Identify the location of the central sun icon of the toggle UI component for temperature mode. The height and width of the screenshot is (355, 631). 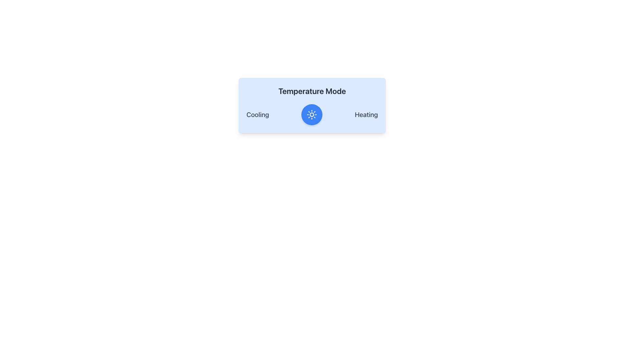
(312, 114).